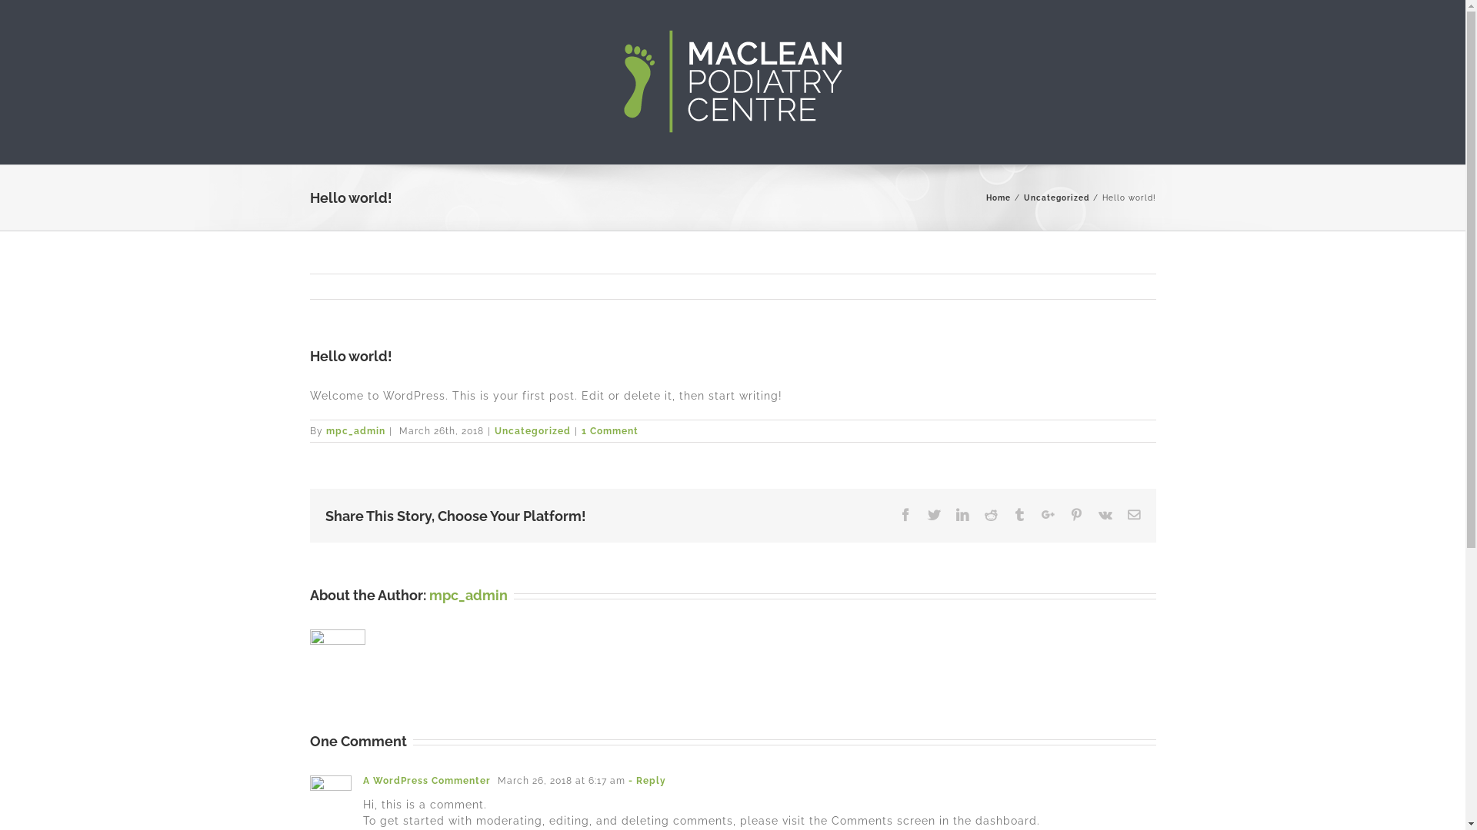  Describe the element at coordinates (468, 594) in the screenshot. I see `'mpc_admin'` at that location.